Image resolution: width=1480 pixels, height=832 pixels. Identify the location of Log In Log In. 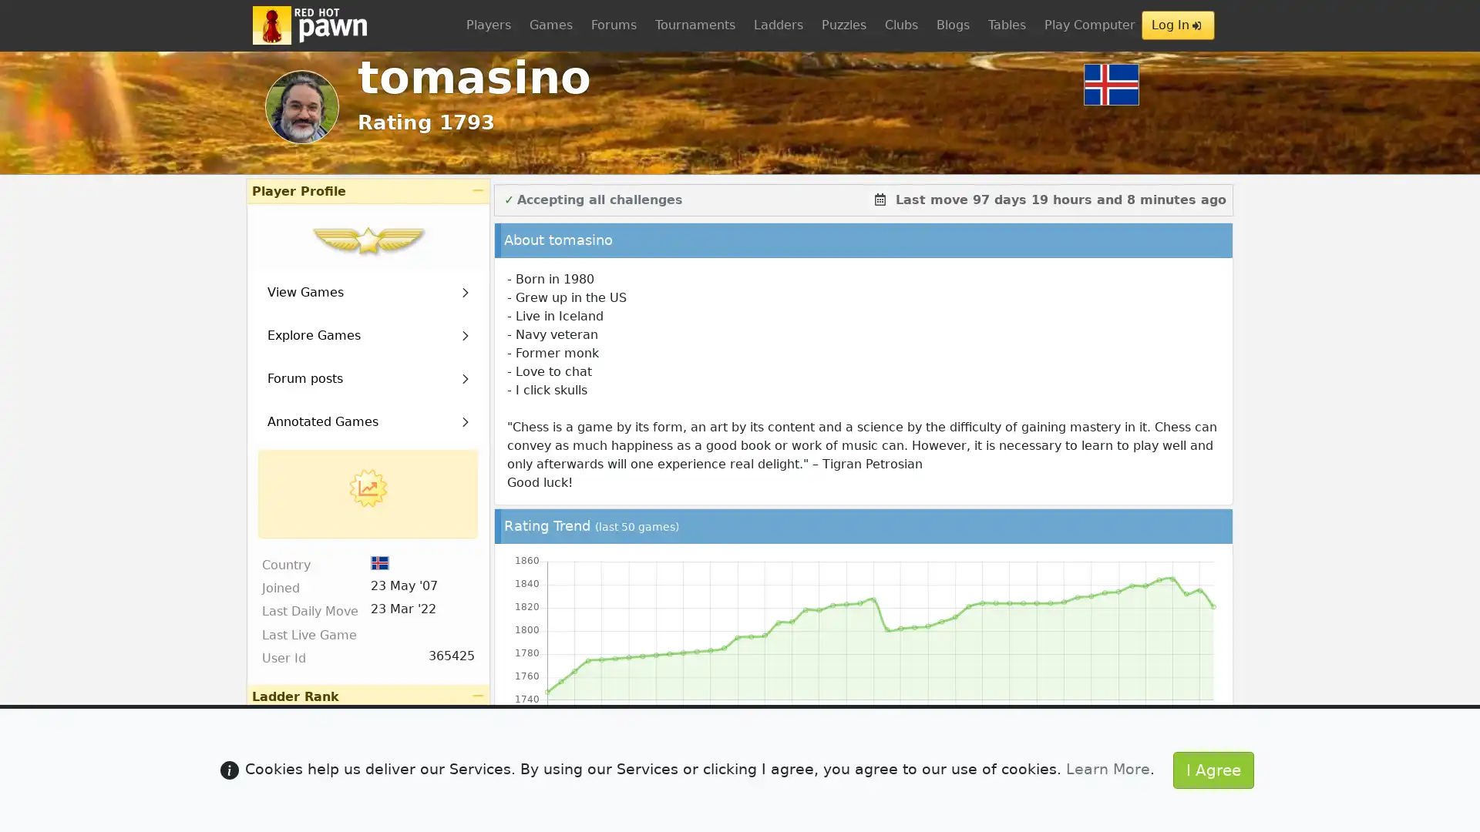
(1177, 25).